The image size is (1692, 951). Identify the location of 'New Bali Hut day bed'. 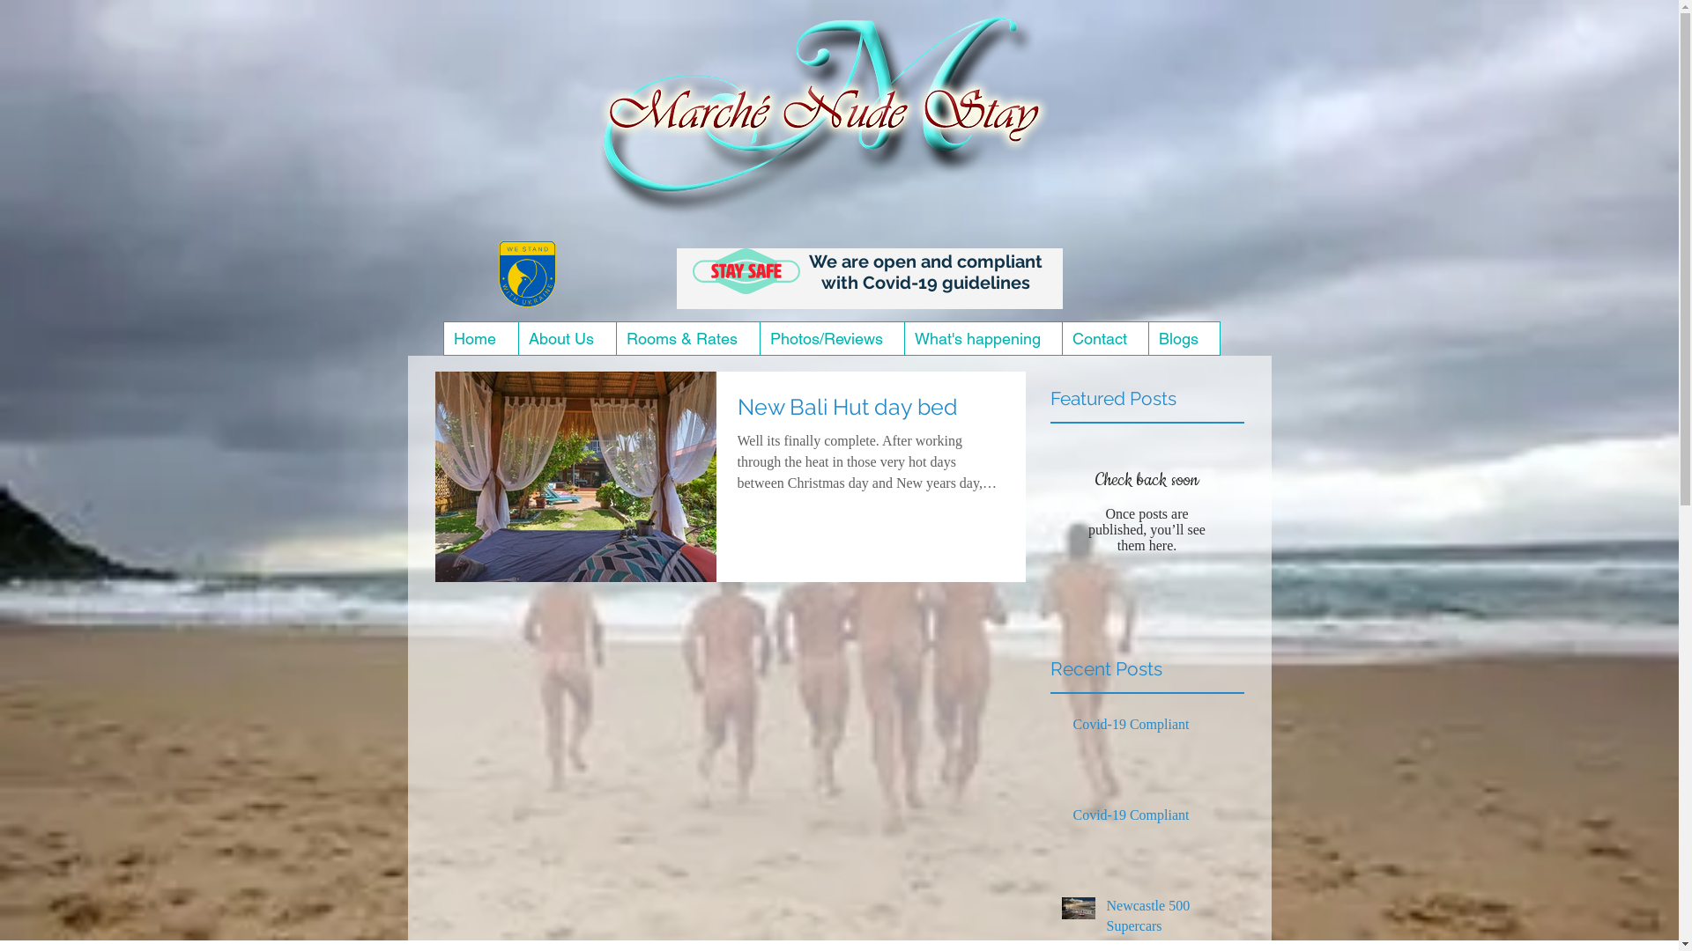
(870, 411).